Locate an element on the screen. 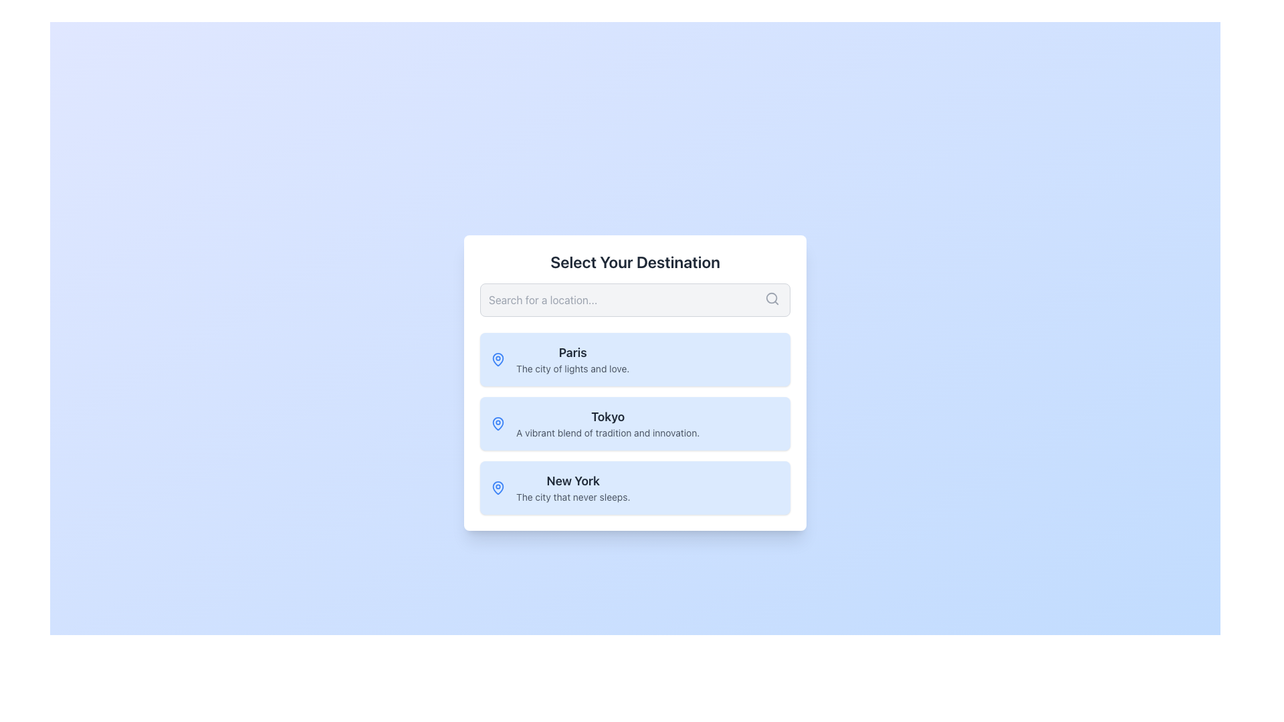 The width and height of the screenshot is (1284, 722). the selectable option for 'Paris' in the destination selection menu is located at coordinates (572, 358).